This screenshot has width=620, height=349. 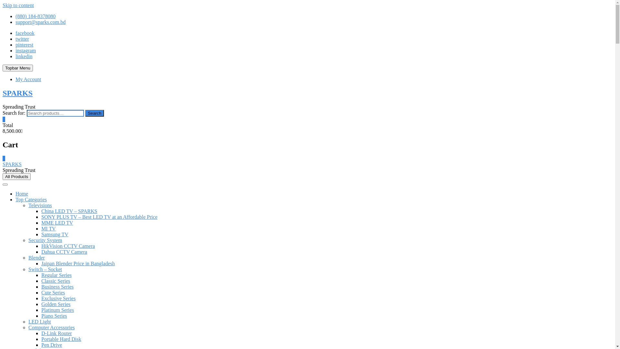 What do you see at coordinates (39, 322) in the screenshot?
I see `'LED Light'` at bounding box center [39, 322].